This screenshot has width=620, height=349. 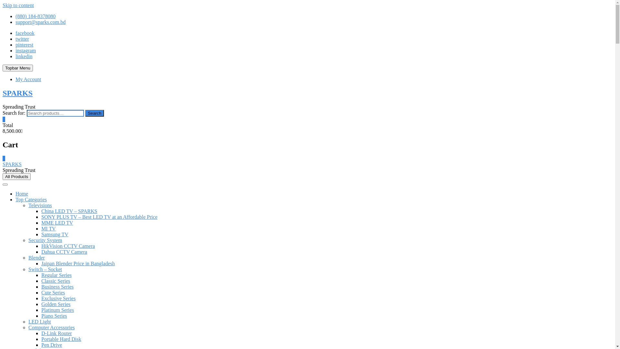 What do you see at coordinates (39, 322) in the screenshot?
I see `'LED Light'` at bounding box center [39, 322].